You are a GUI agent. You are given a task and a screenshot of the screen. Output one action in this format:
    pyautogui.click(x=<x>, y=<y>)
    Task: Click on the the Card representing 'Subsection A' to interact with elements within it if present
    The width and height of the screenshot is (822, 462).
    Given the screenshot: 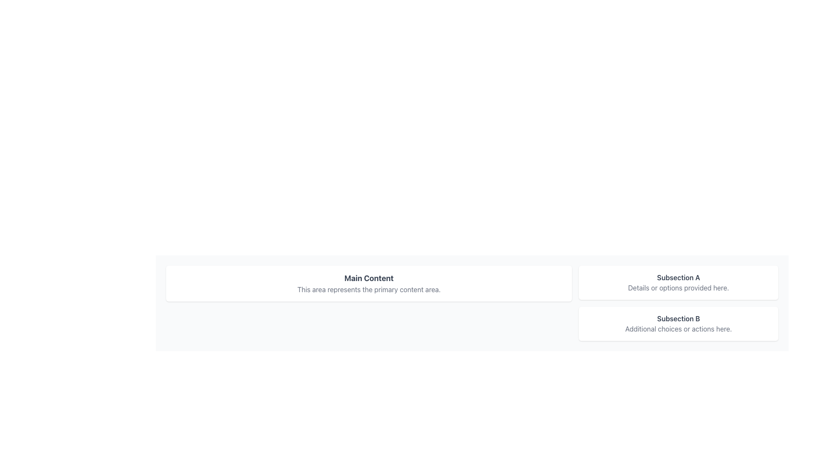 What is the action you would take?
    pyautogui.click(x=678, y=282)
    